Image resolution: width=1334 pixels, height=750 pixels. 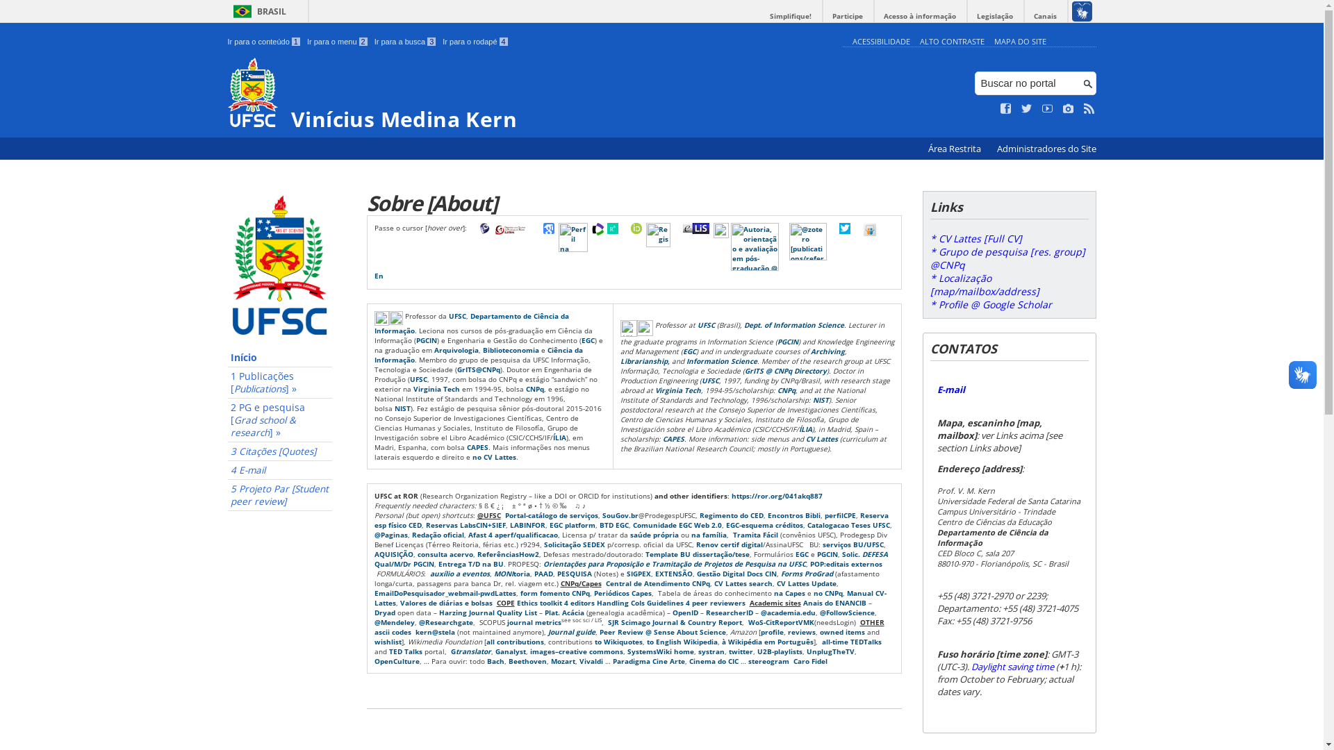 I want to click on 'Entrega T/D na BU', so click(x=470, y=564).